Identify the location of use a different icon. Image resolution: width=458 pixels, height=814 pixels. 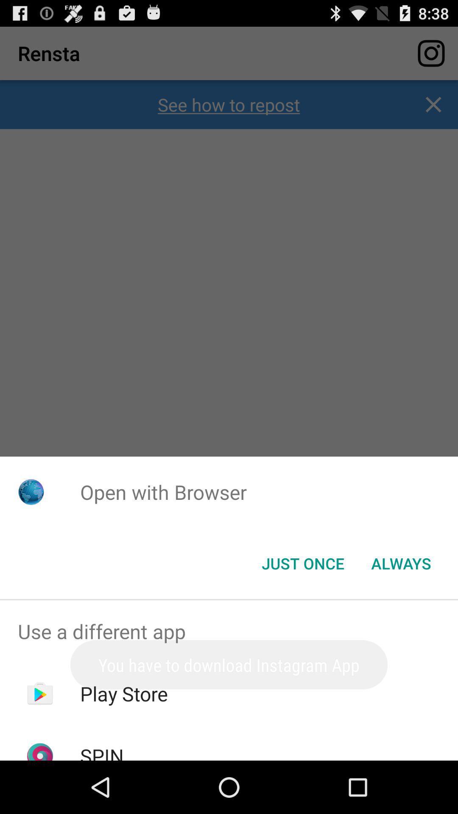
(229, 631).